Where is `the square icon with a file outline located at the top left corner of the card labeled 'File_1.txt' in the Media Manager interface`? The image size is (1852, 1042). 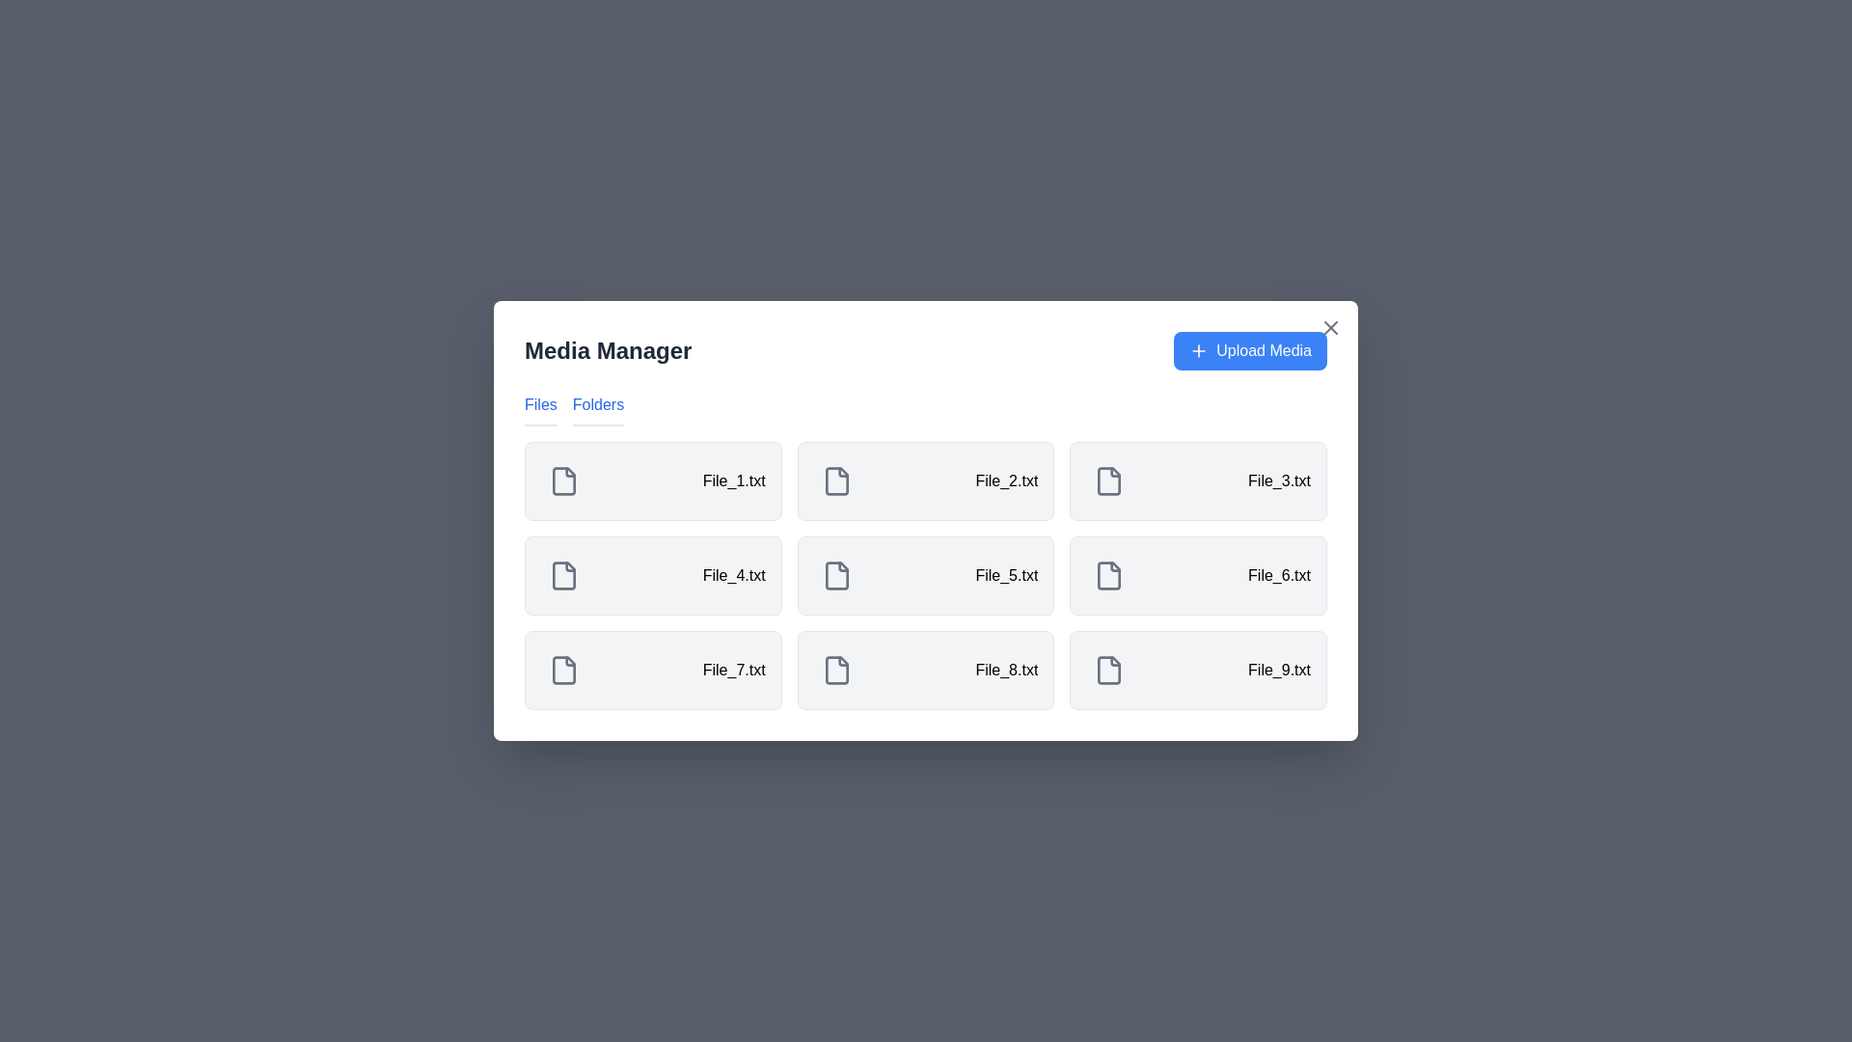 the square icon with a file outline located at the top left corner of the card labeled 'File_1.txt' in the Media Manager interface is located at coordinates (563, 480).